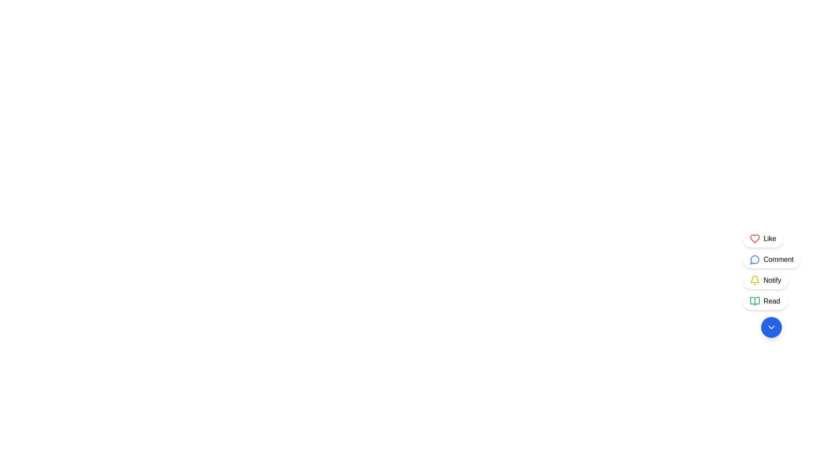 This screenshot has width=835, height=469. Describe the element at coordinates (754, 259) in the screenshot. I see `the chat icon located in the right-hand vertical menu, second from the top` at that location.